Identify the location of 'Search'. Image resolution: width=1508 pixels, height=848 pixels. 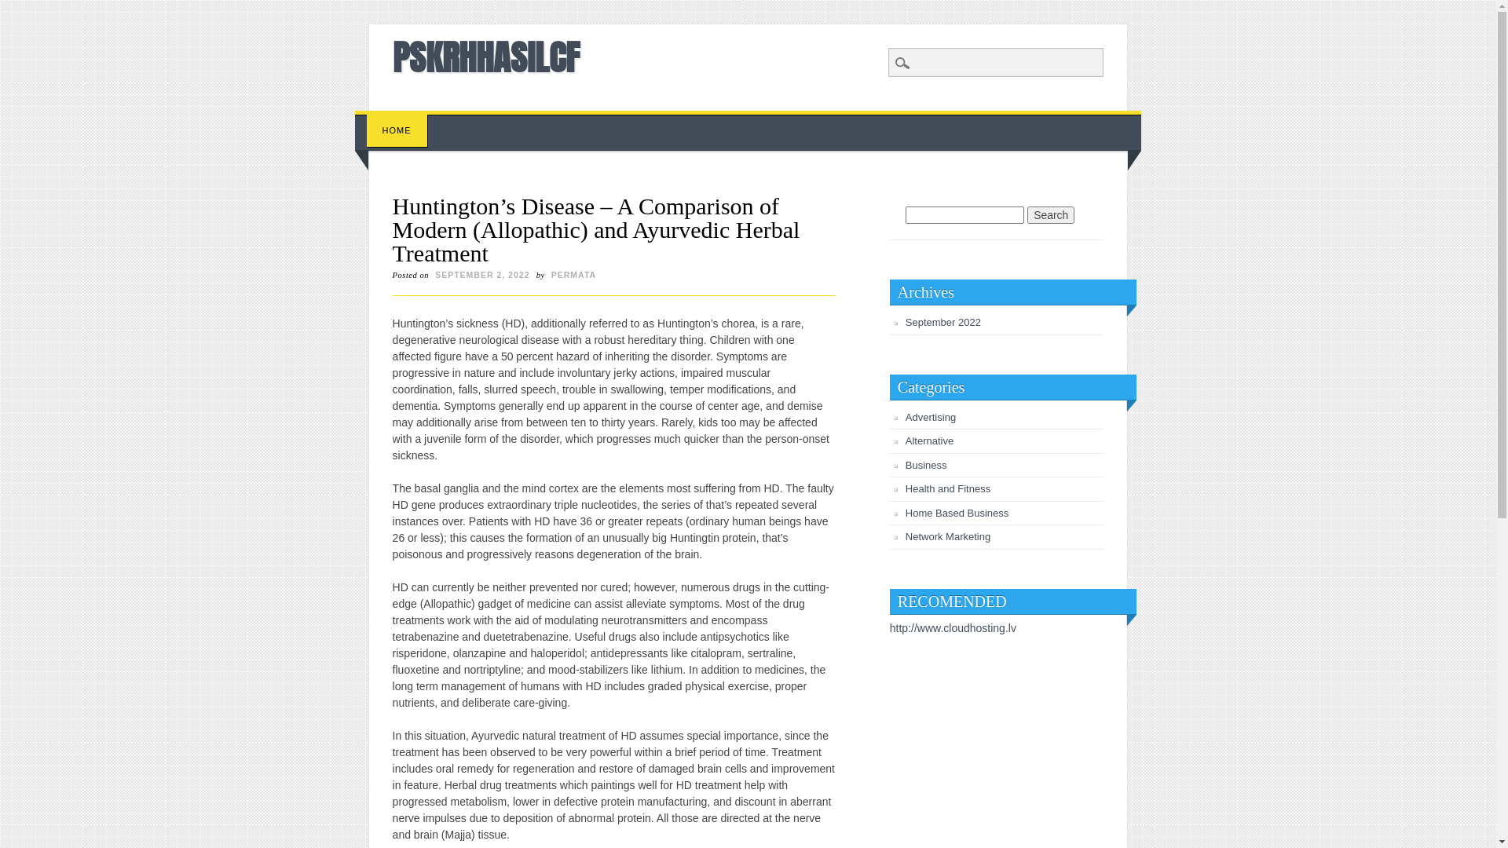
(1051, 214).